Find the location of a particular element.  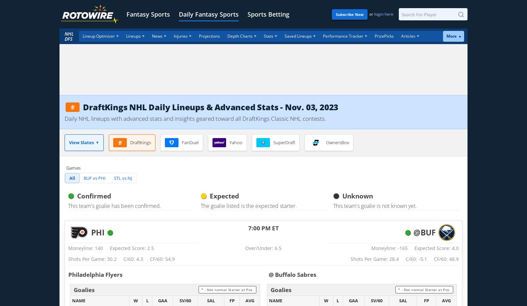

'Depth Charts' is located at coordinates (227, 36).